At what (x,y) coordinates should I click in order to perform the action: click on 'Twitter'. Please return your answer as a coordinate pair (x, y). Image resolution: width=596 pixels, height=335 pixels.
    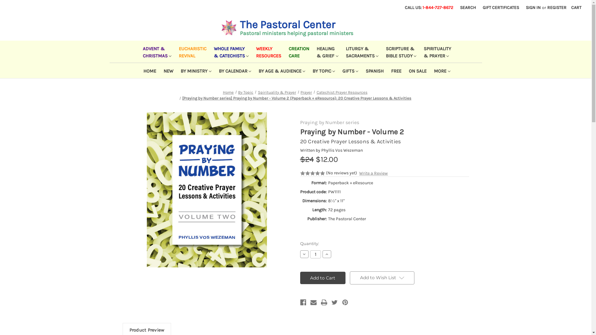
    Looking at the image, I should click on (334, 302).